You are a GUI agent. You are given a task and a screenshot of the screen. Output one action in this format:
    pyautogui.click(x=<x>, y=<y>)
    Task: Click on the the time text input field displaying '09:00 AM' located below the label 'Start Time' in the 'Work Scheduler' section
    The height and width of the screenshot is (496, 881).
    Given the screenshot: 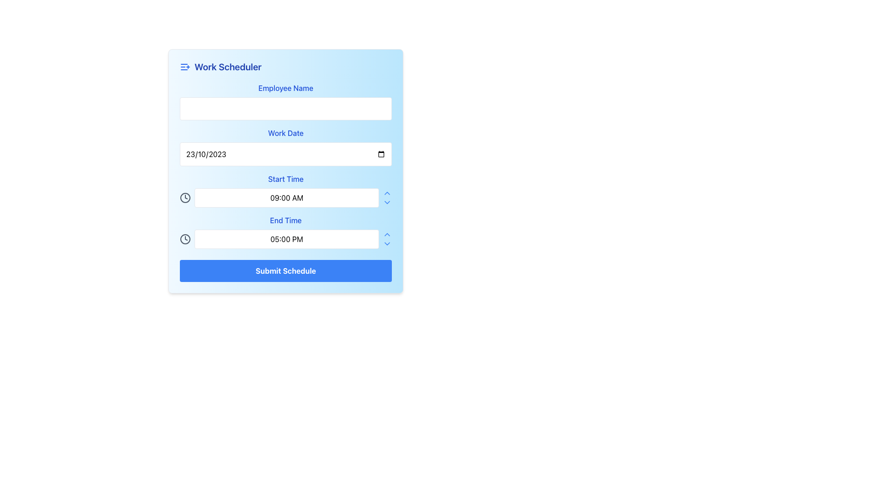 What is the action you would take?
    pyautogui.click(x=285, y=197)
    